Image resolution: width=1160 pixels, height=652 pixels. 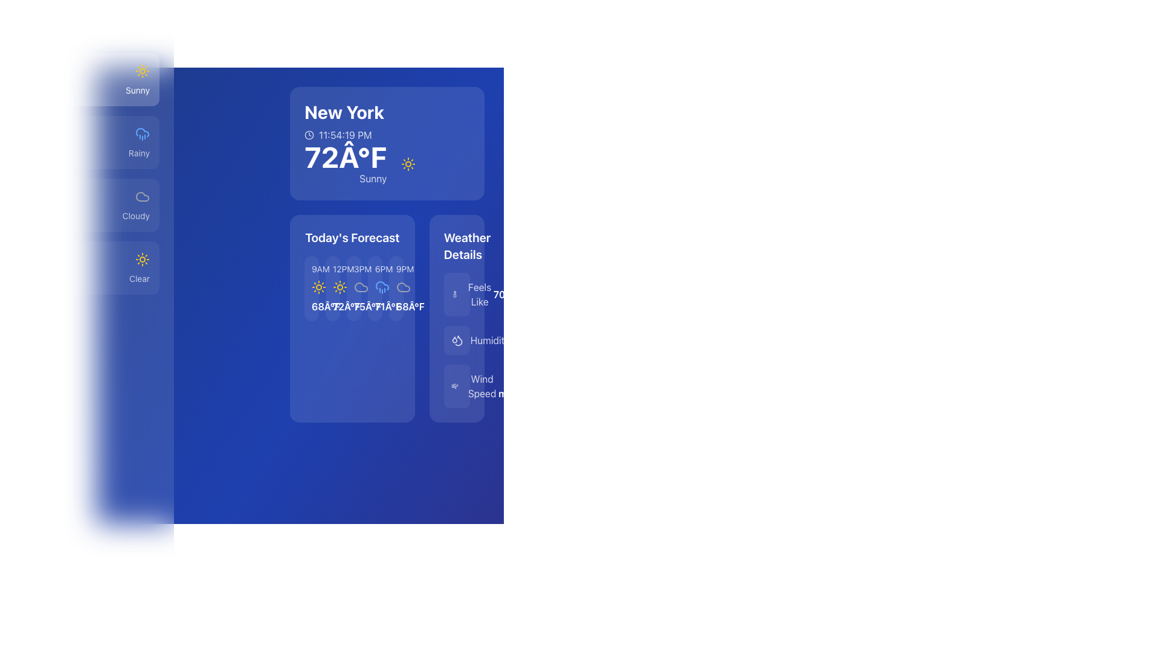 What do you see at coordinates (456, 340) in the screenshot?
I see `the humidity icon in the 'Weather Details' section, which visually represents humidity and is positioned before the text 'Humidity' and the value '65%'` at bounding box center [456, 340].